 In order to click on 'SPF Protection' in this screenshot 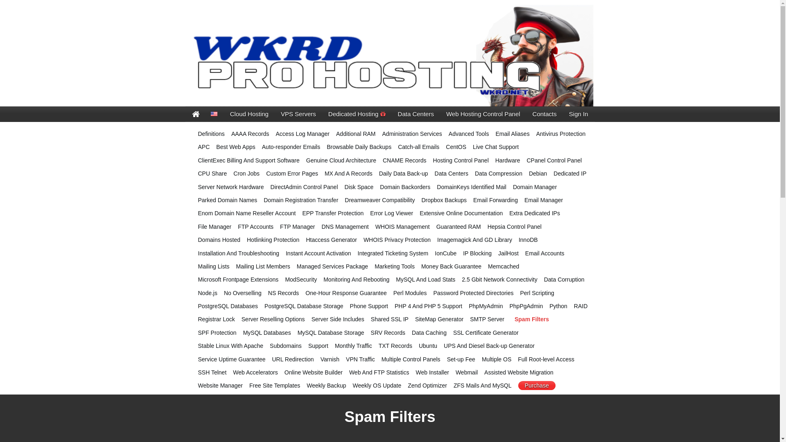, I will do `click(217, 333)`.